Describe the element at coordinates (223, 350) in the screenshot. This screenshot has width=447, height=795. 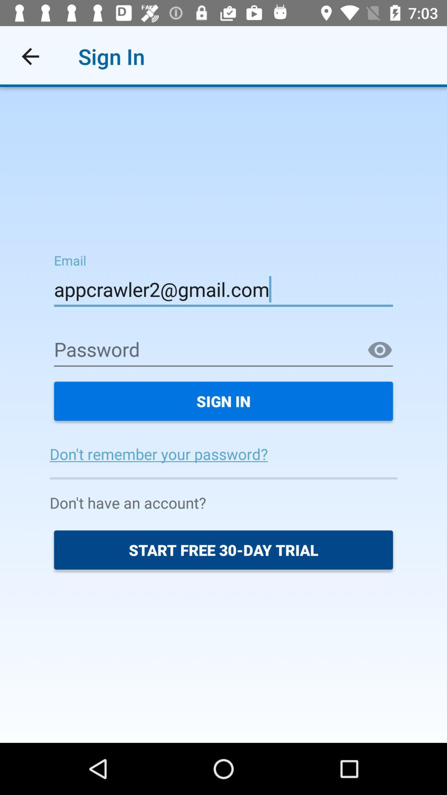
I see `password` at that location.